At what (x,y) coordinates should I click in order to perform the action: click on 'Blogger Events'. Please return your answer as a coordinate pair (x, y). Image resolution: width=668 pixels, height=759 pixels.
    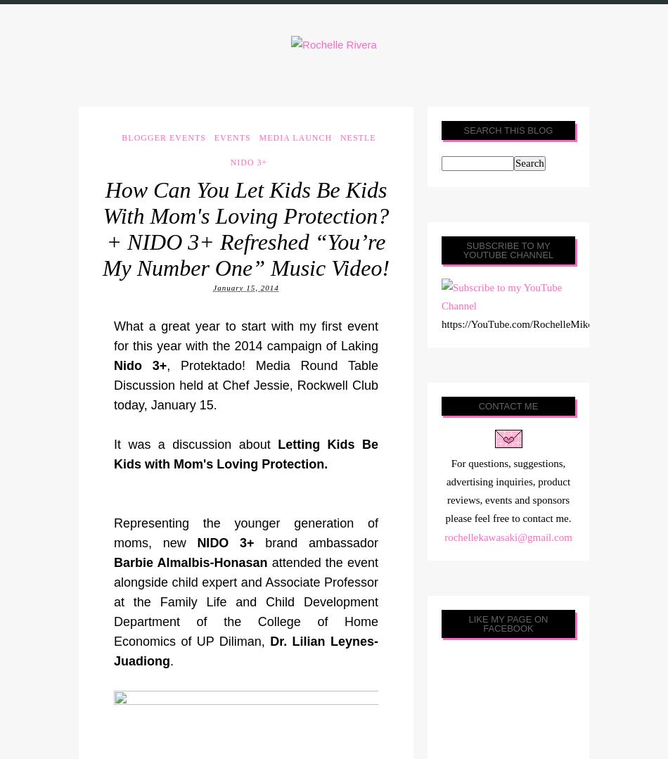
    Looking at the image, I should click on (164, 137).